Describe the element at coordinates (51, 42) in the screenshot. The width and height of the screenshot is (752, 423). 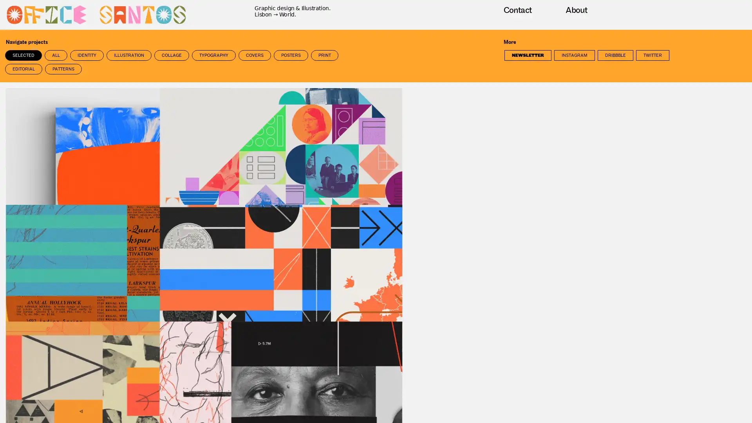
I see `Navigate projects` at that location.